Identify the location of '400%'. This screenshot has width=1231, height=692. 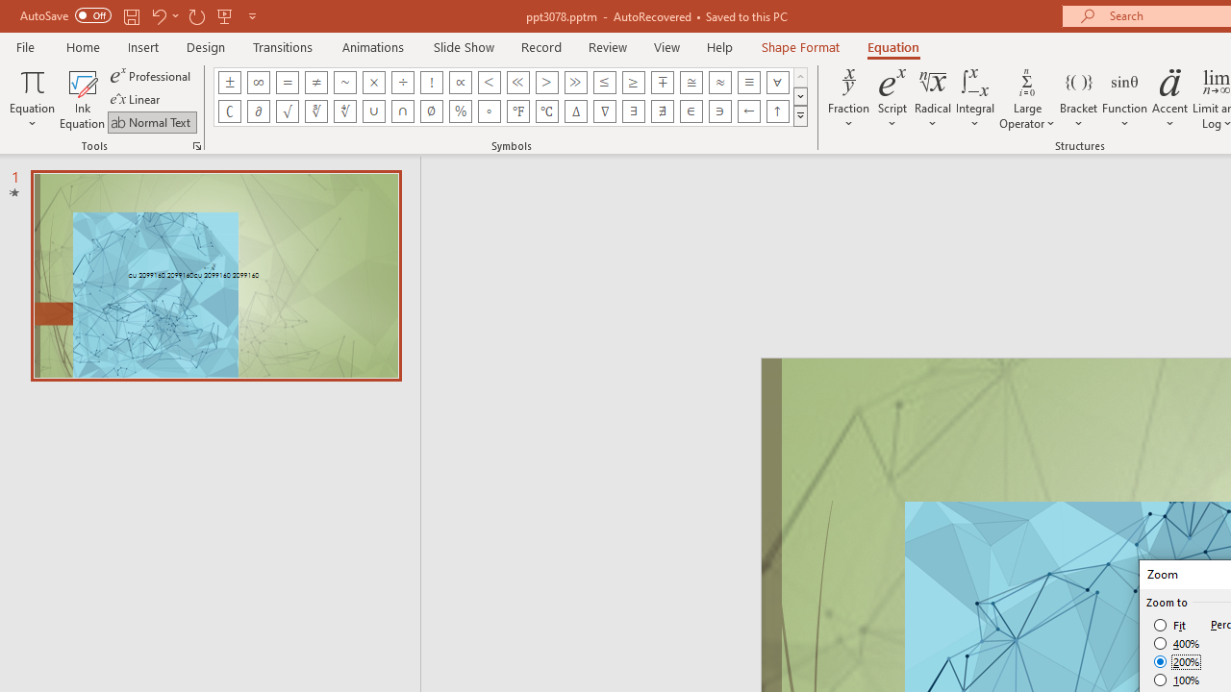
(1176, 643).